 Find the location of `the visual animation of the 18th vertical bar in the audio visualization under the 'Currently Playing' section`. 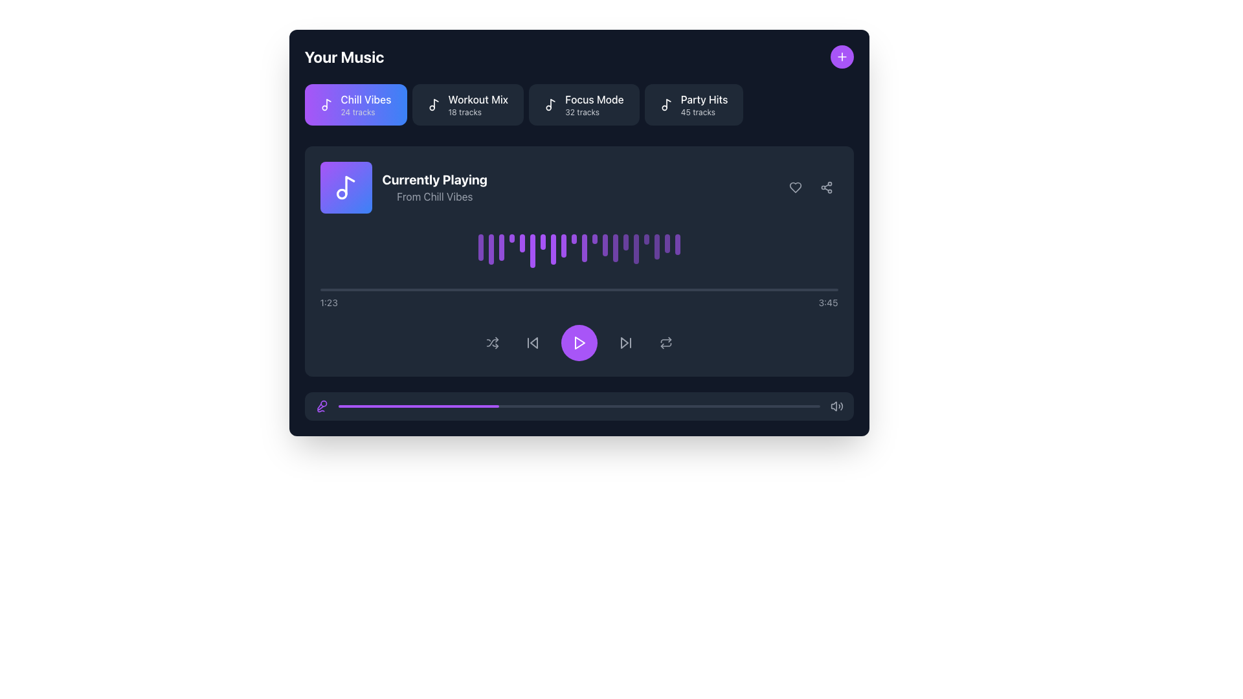

the visual animation of the 18th vertical bar in the audio visualization under the 'Currently Playing' section is located at coordinates (656, 247).